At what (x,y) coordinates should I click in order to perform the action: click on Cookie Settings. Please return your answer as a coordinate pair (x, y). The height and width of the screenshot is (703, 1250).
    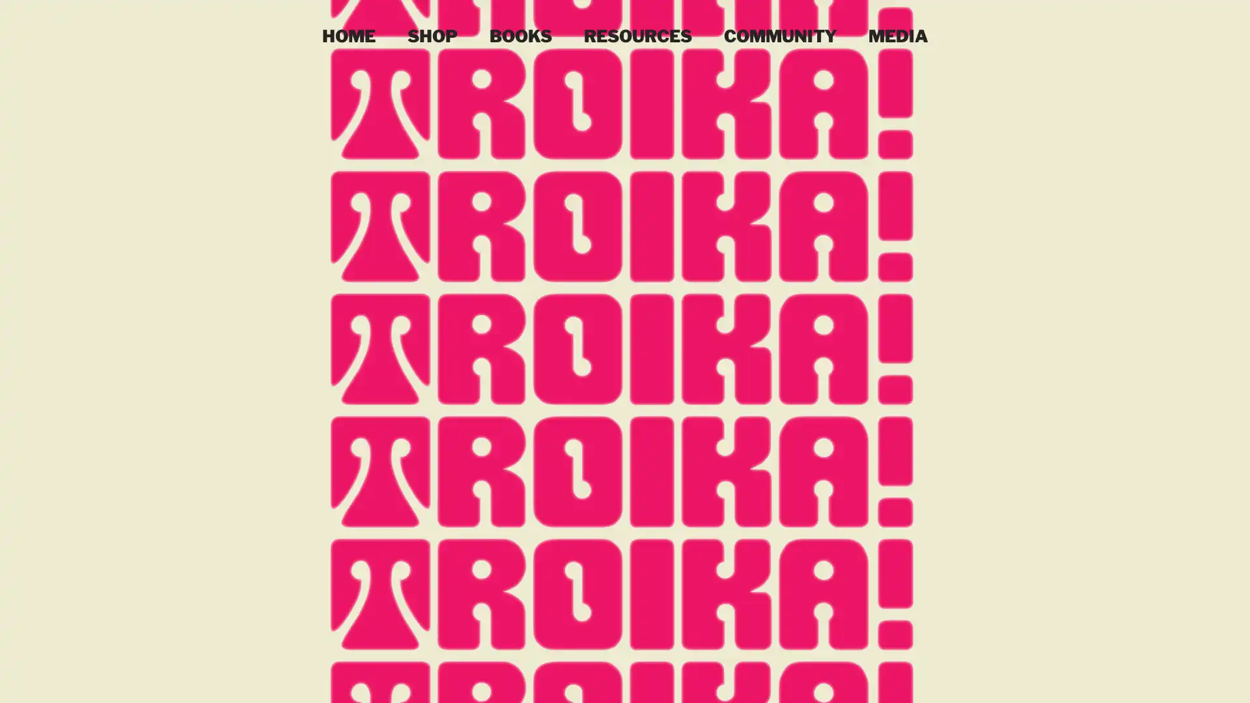
    Looking at the image, I should click on (1109, 680).